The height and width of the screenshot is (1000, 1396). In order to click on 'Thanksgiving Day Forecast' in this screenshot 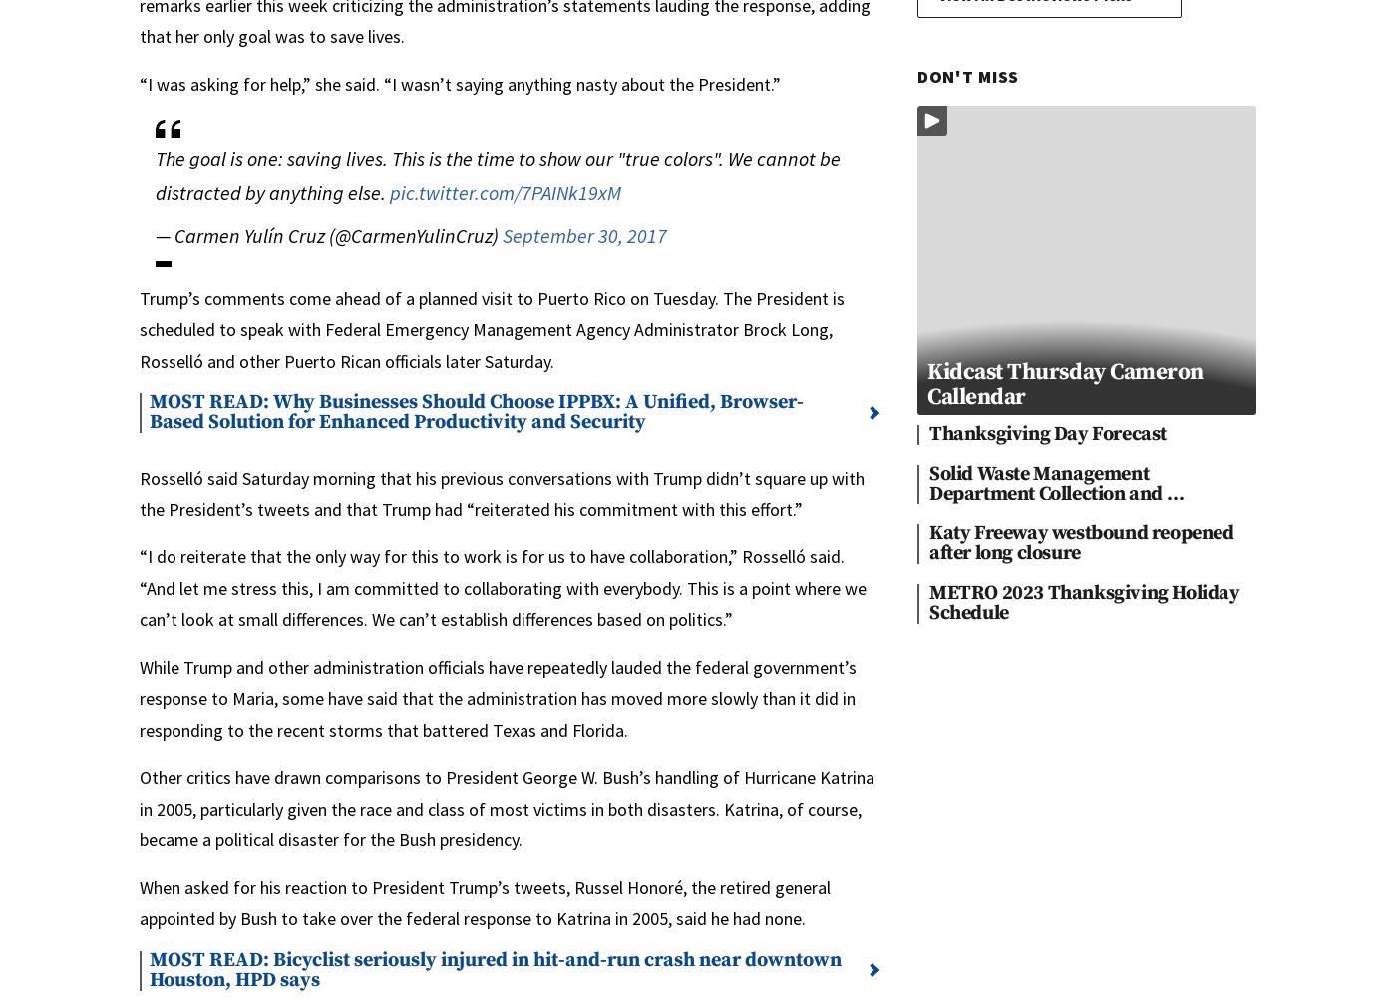, I will do `click(1047, 434)`.